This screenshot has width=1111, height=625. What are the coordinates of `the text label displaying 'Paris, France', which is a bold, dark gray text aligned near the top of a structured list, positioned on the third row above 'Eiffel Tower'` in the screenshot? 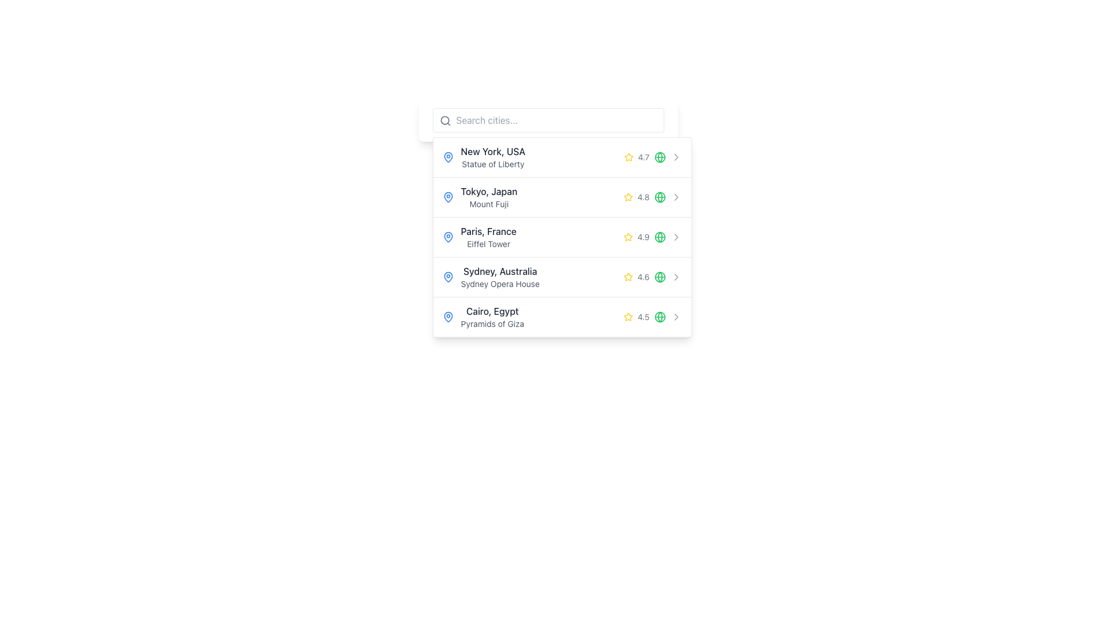 It's located at (488, 231).